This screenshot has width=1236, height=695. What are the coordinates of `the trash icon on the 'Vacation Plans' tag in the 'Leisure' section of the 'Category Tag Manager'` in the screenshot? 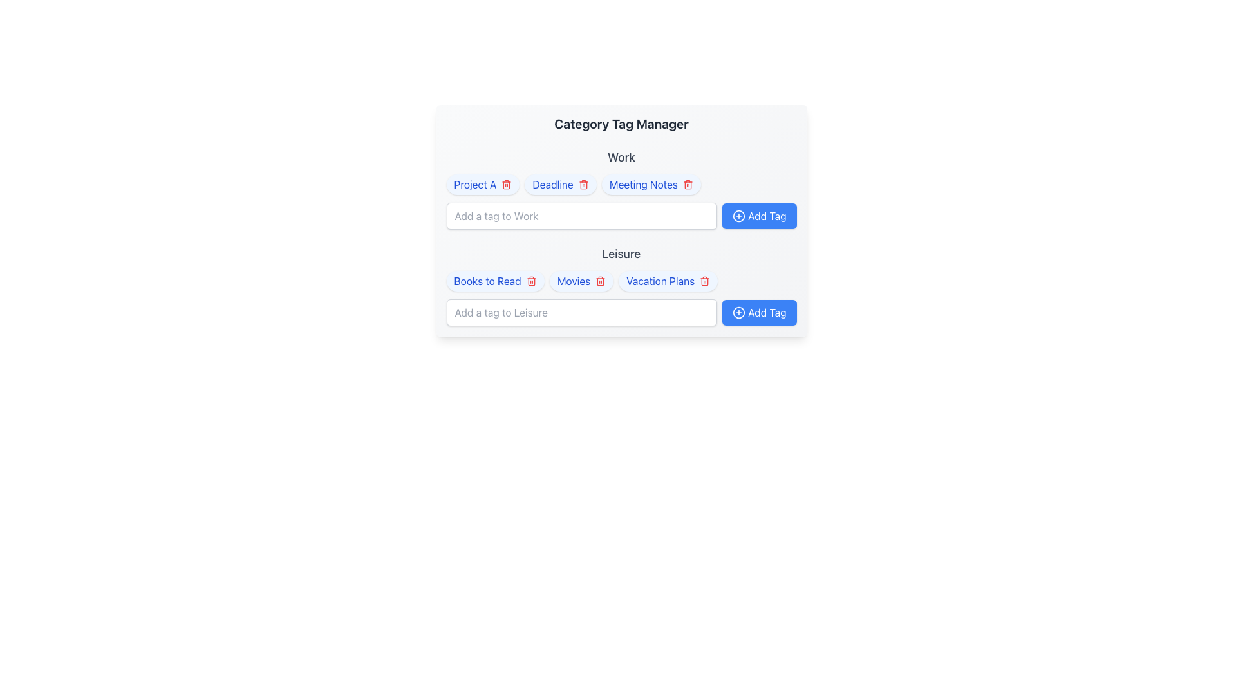 It's located at (668, 280).